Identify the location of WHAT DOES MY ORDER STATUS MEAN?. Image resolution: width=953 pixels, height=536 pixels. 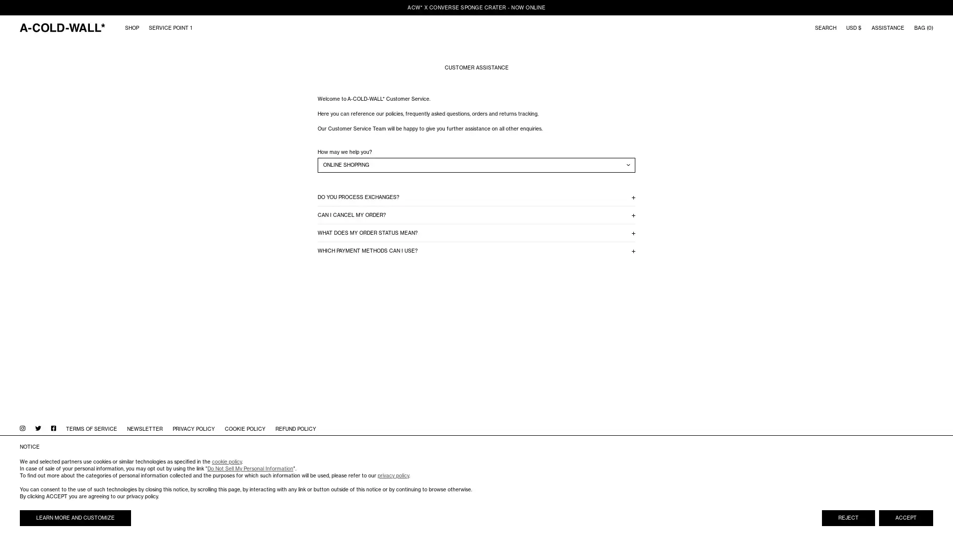
(476, 233).